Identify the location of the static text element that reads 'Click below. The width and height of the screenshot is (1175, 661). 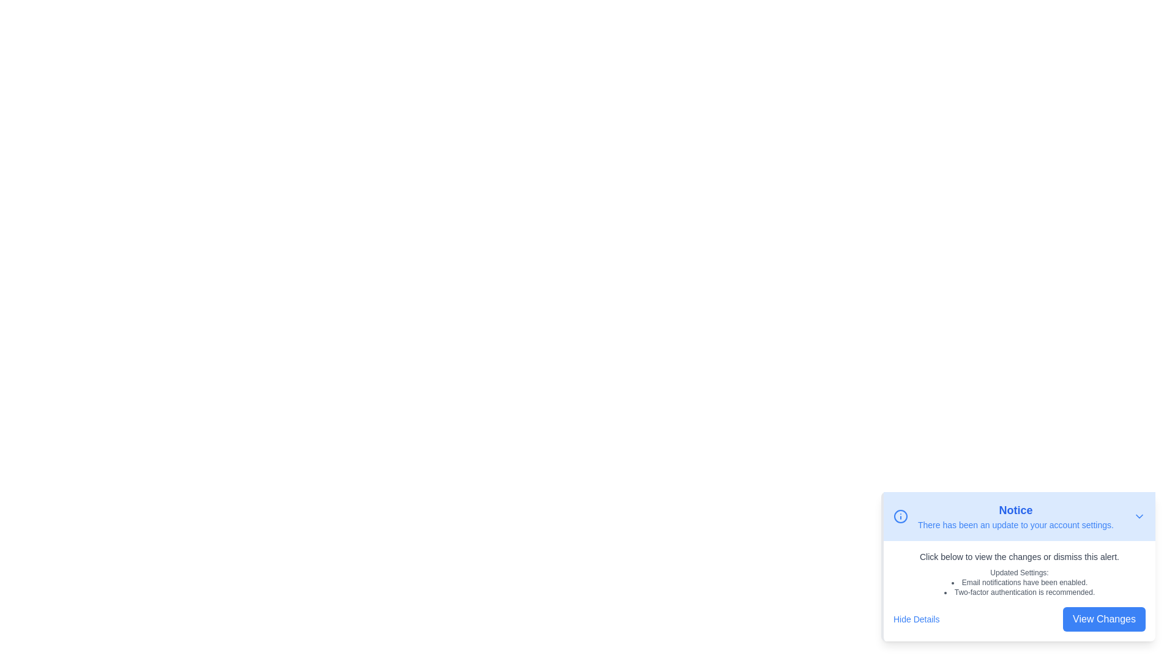
(1019, 557).